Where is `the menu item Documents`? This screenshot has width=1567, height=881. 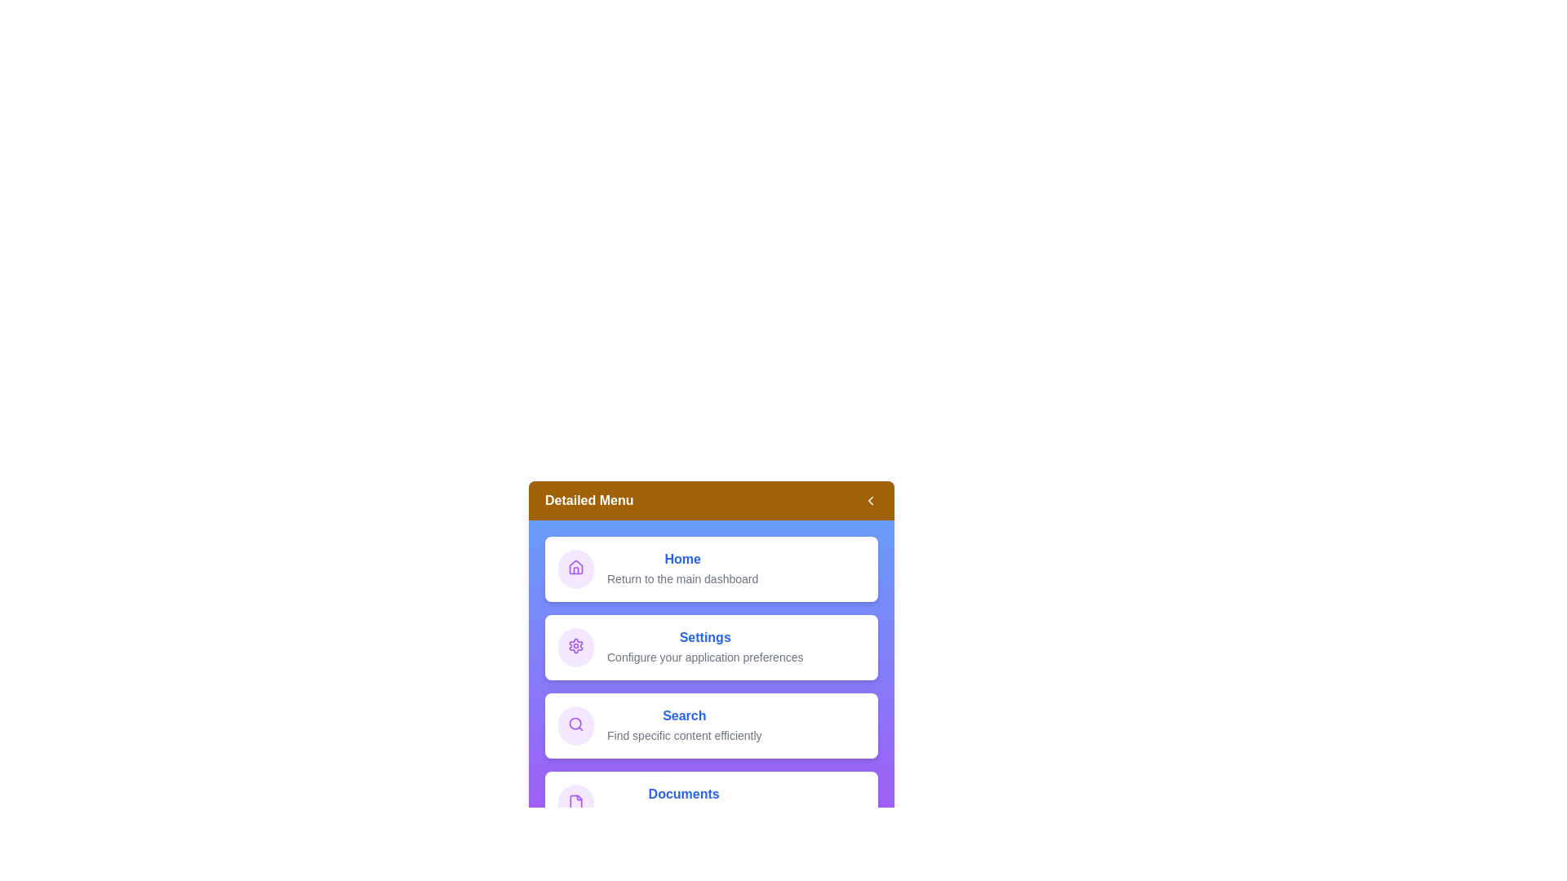
the menu item Documents is located at coordinates (712, 804).